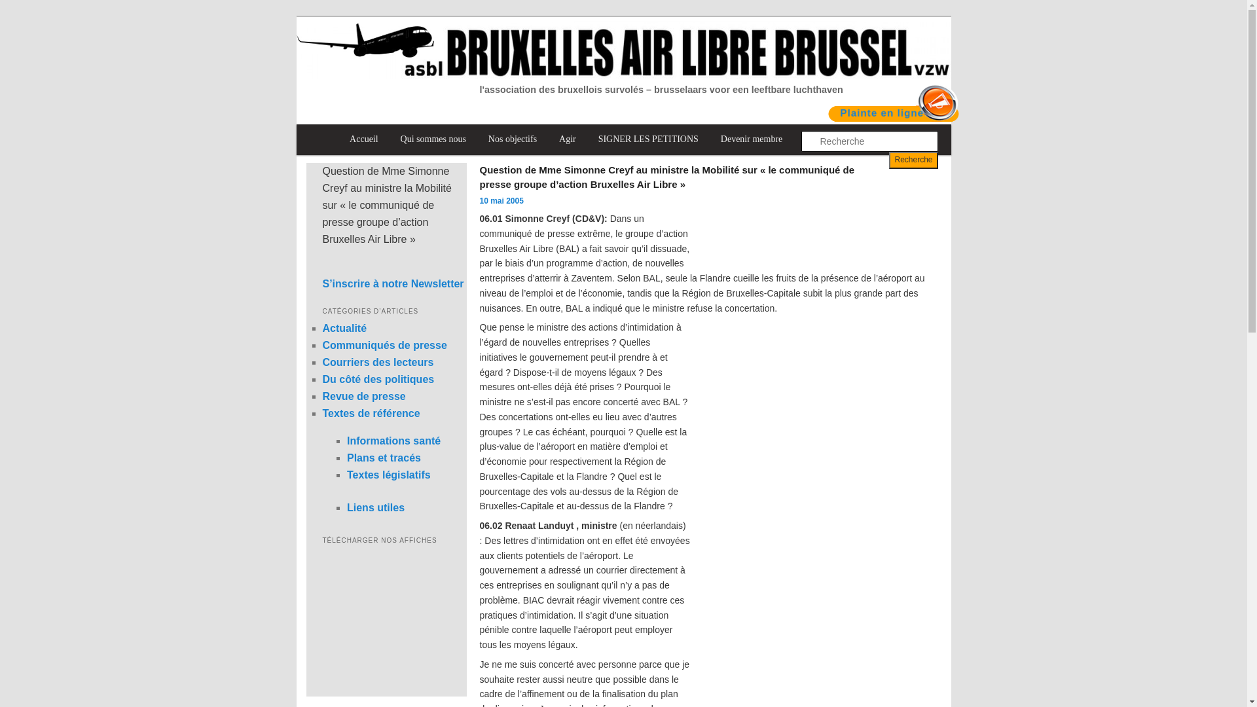 This screenshot has height=707, width=1257. Describe the element at coordinates (568, 139) in the screenshot. I see `'Agir'` at that location.